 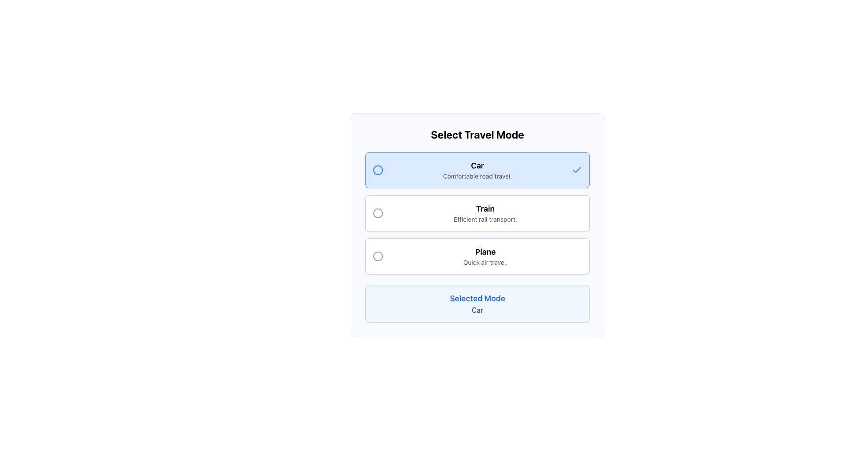 I want to click on the 'Car' text label that identifies the car travel option located at the top of the travel modes list, above the descriptive text 'Comfortable road travel.', so click(x=477, y=166).